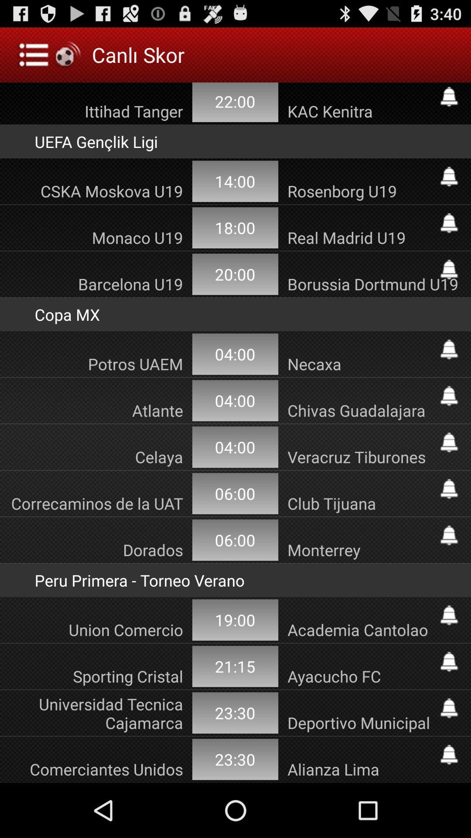 Image resolution: width=471 pixels, height=838 pixels. I want to click on subscribe, so click(449, 662).